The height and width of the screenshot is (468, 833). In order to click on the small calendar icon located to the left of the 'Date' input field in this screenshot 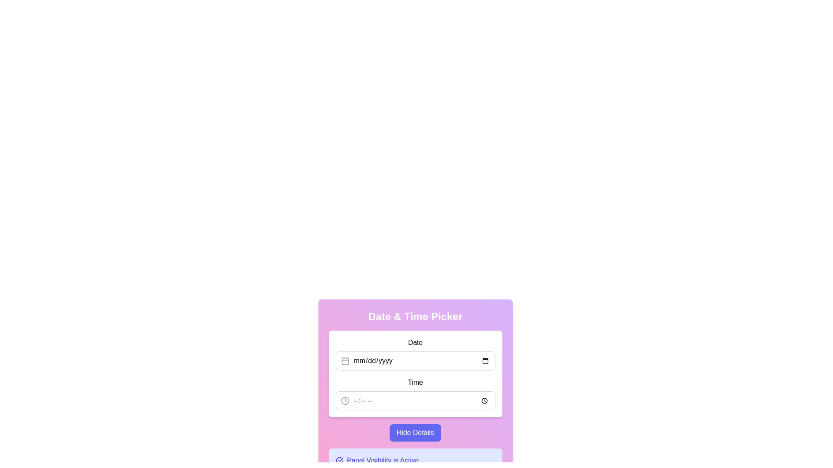, I will do `click(344, 361)`.